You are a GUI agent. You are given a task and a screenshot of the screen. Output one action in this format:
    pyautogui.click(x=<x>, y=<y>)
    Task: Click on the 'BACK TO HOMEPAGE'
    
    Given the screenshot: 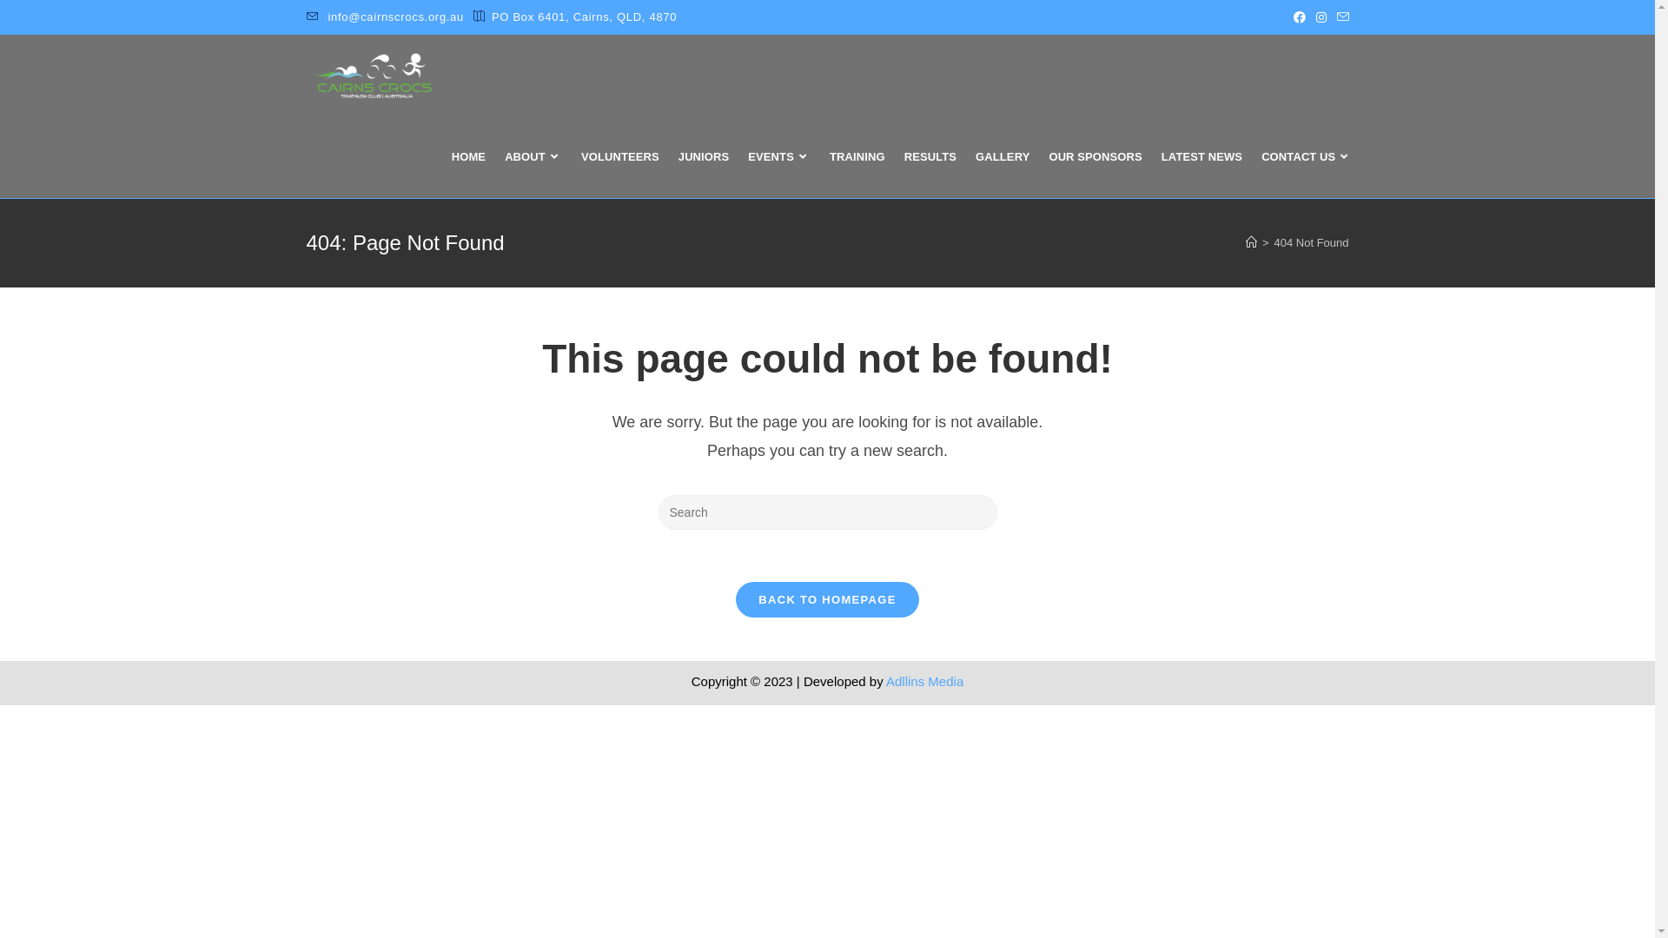 What is the action you would take?
    pyautogui.click(x=825, y=598)
    